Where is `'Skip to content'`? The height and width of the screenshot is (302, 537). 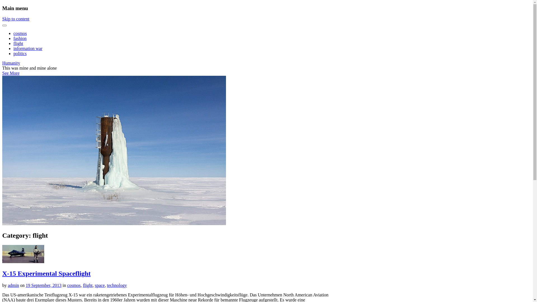 'Skip to content' is located at coordinates (16, 18).